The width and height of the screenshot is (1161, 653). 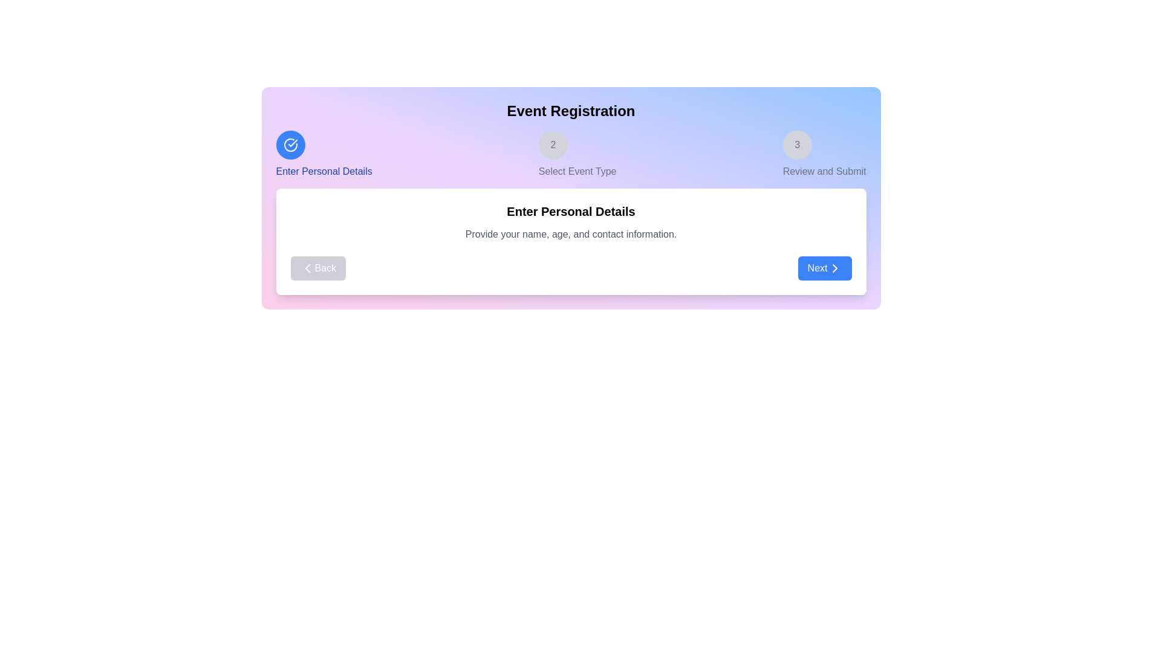 What do you see at coordinates (824, 267) in the screenshot?
I see `the 'Next' button to proceed to the next step in the registration process` at bounding box center [824, 267].